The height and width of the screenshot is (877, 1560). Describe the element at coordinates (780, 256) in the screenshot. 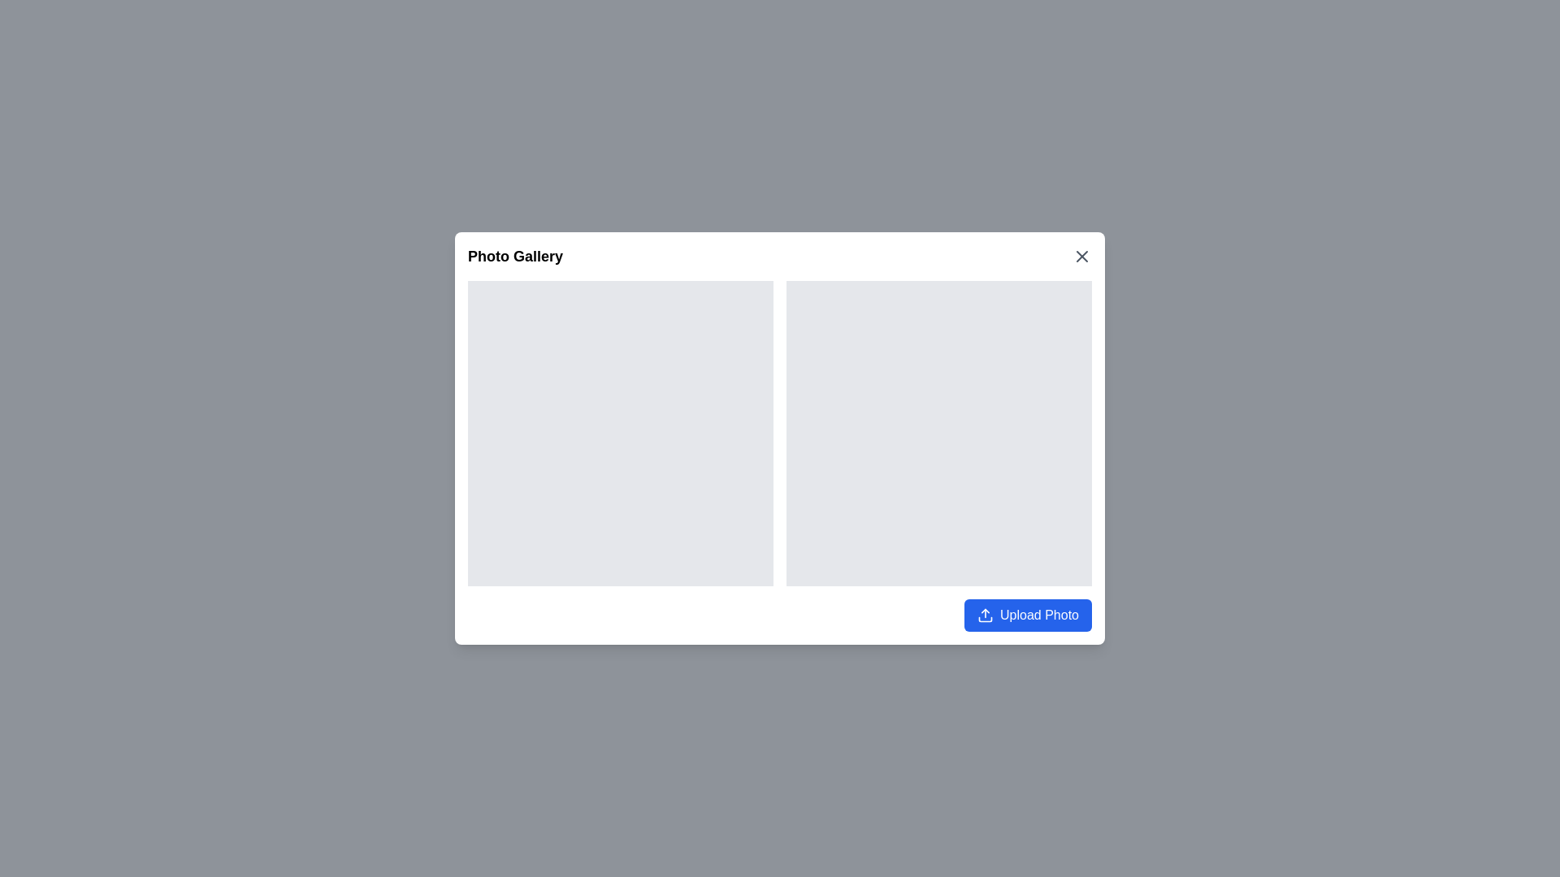

I see `the title bar of the modal, which indicates the content theme 'Photo Gallery'` at that location.